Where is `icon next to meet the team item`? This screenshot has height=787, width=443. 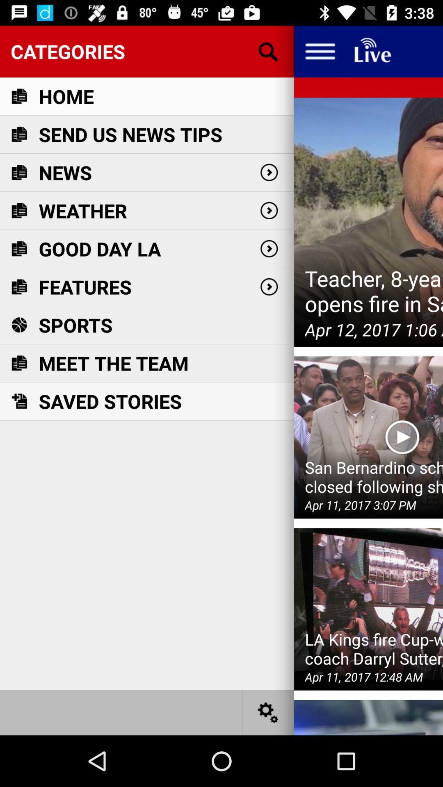 icon next to meet the team item is located at coordinates (368, 437).